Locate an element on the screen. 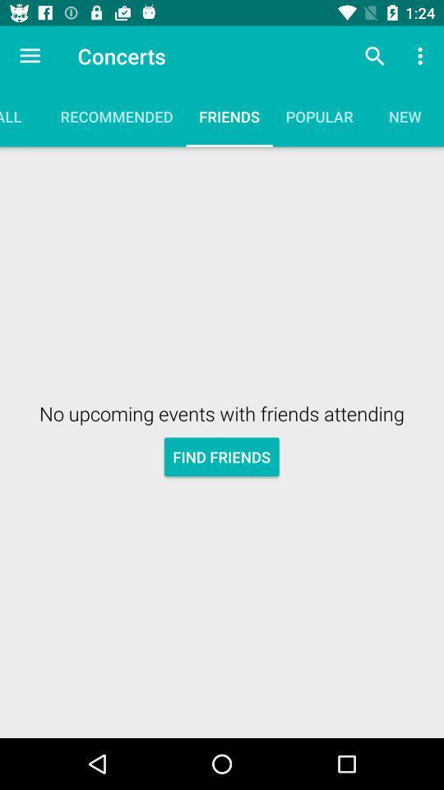 The height and width of the screenshot is (790, 444). the item above new is located at coordinates (422, 56).